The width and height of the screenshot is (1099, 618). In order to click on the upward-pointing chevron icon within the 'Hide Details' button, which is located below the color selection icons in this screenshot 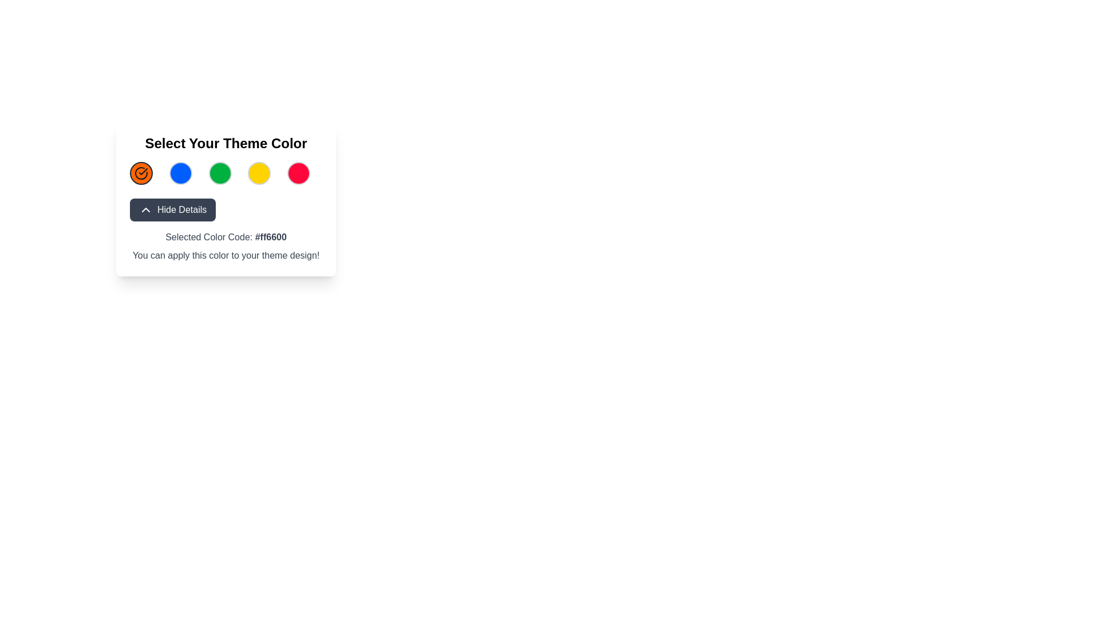, I will do `click(145, 209)`.